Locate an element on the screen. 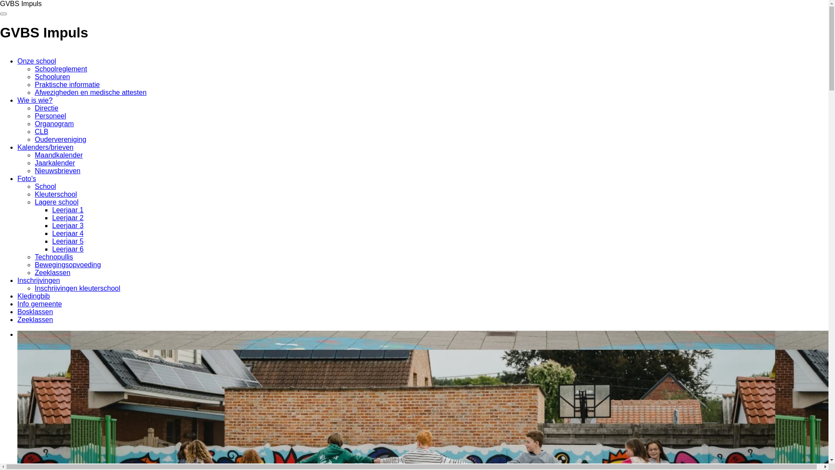 The width and height of the screenshot is (835, 470). 'Zeeklassen' is located at coordinates (35, 319).